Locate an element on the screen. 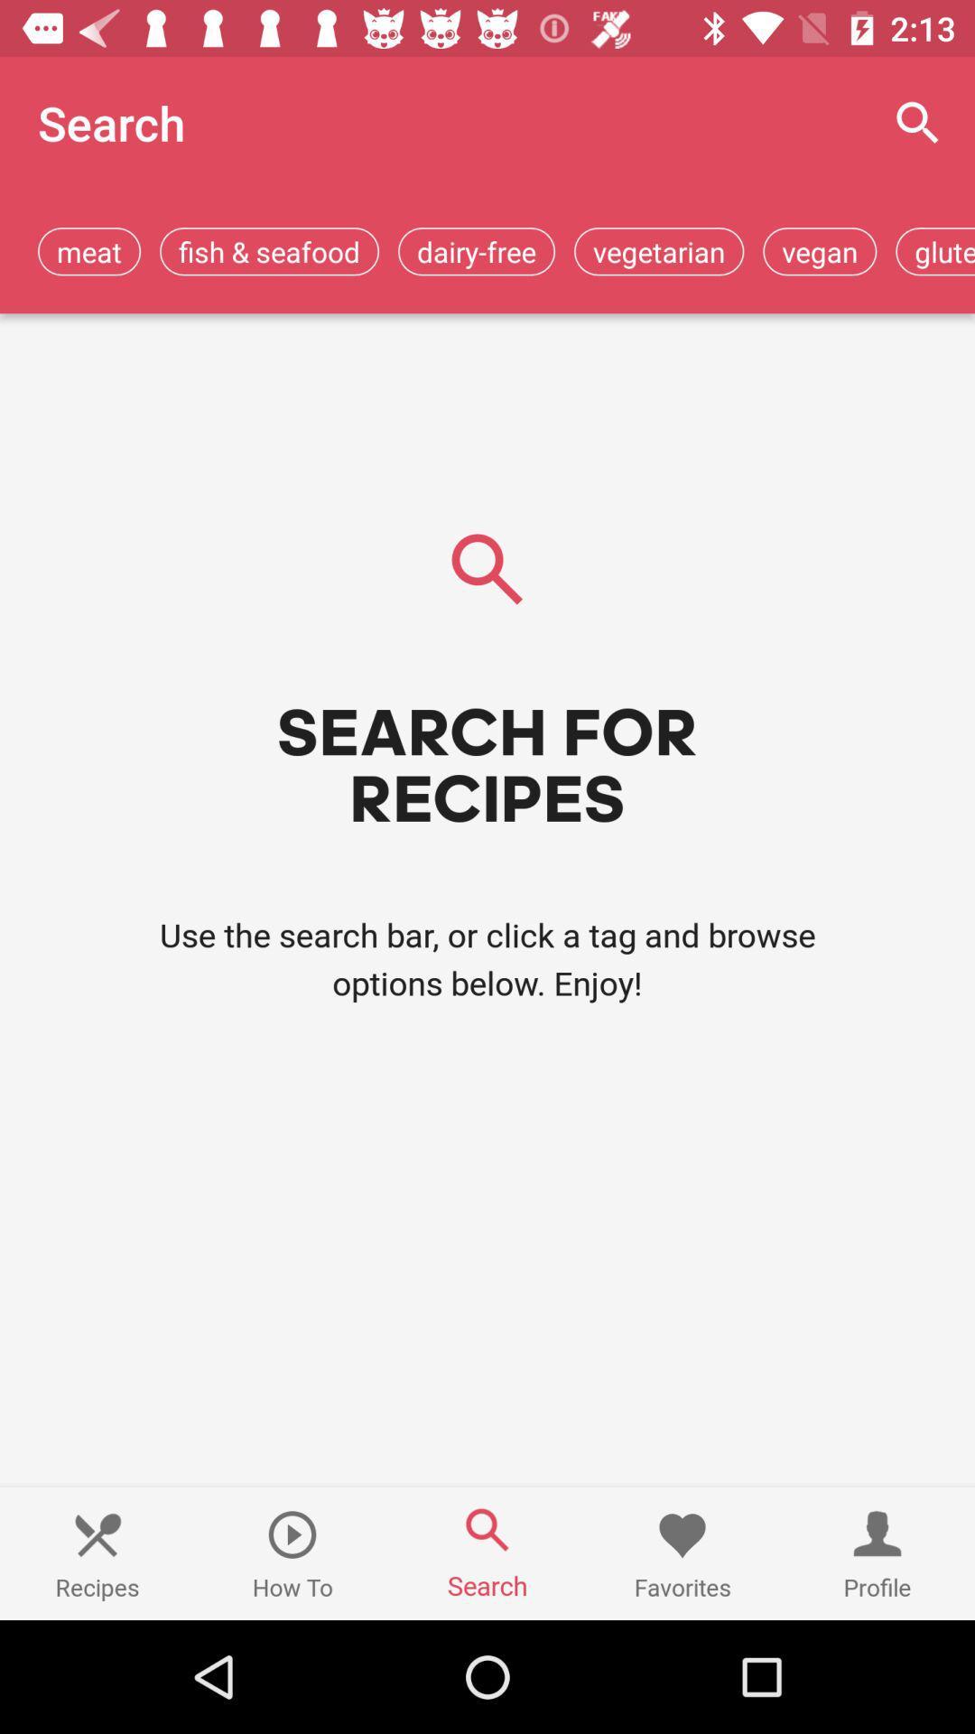 Image resolution: width=975 pixels, height=1734 pixels. vegetarian is located at coordinates (659, 250).